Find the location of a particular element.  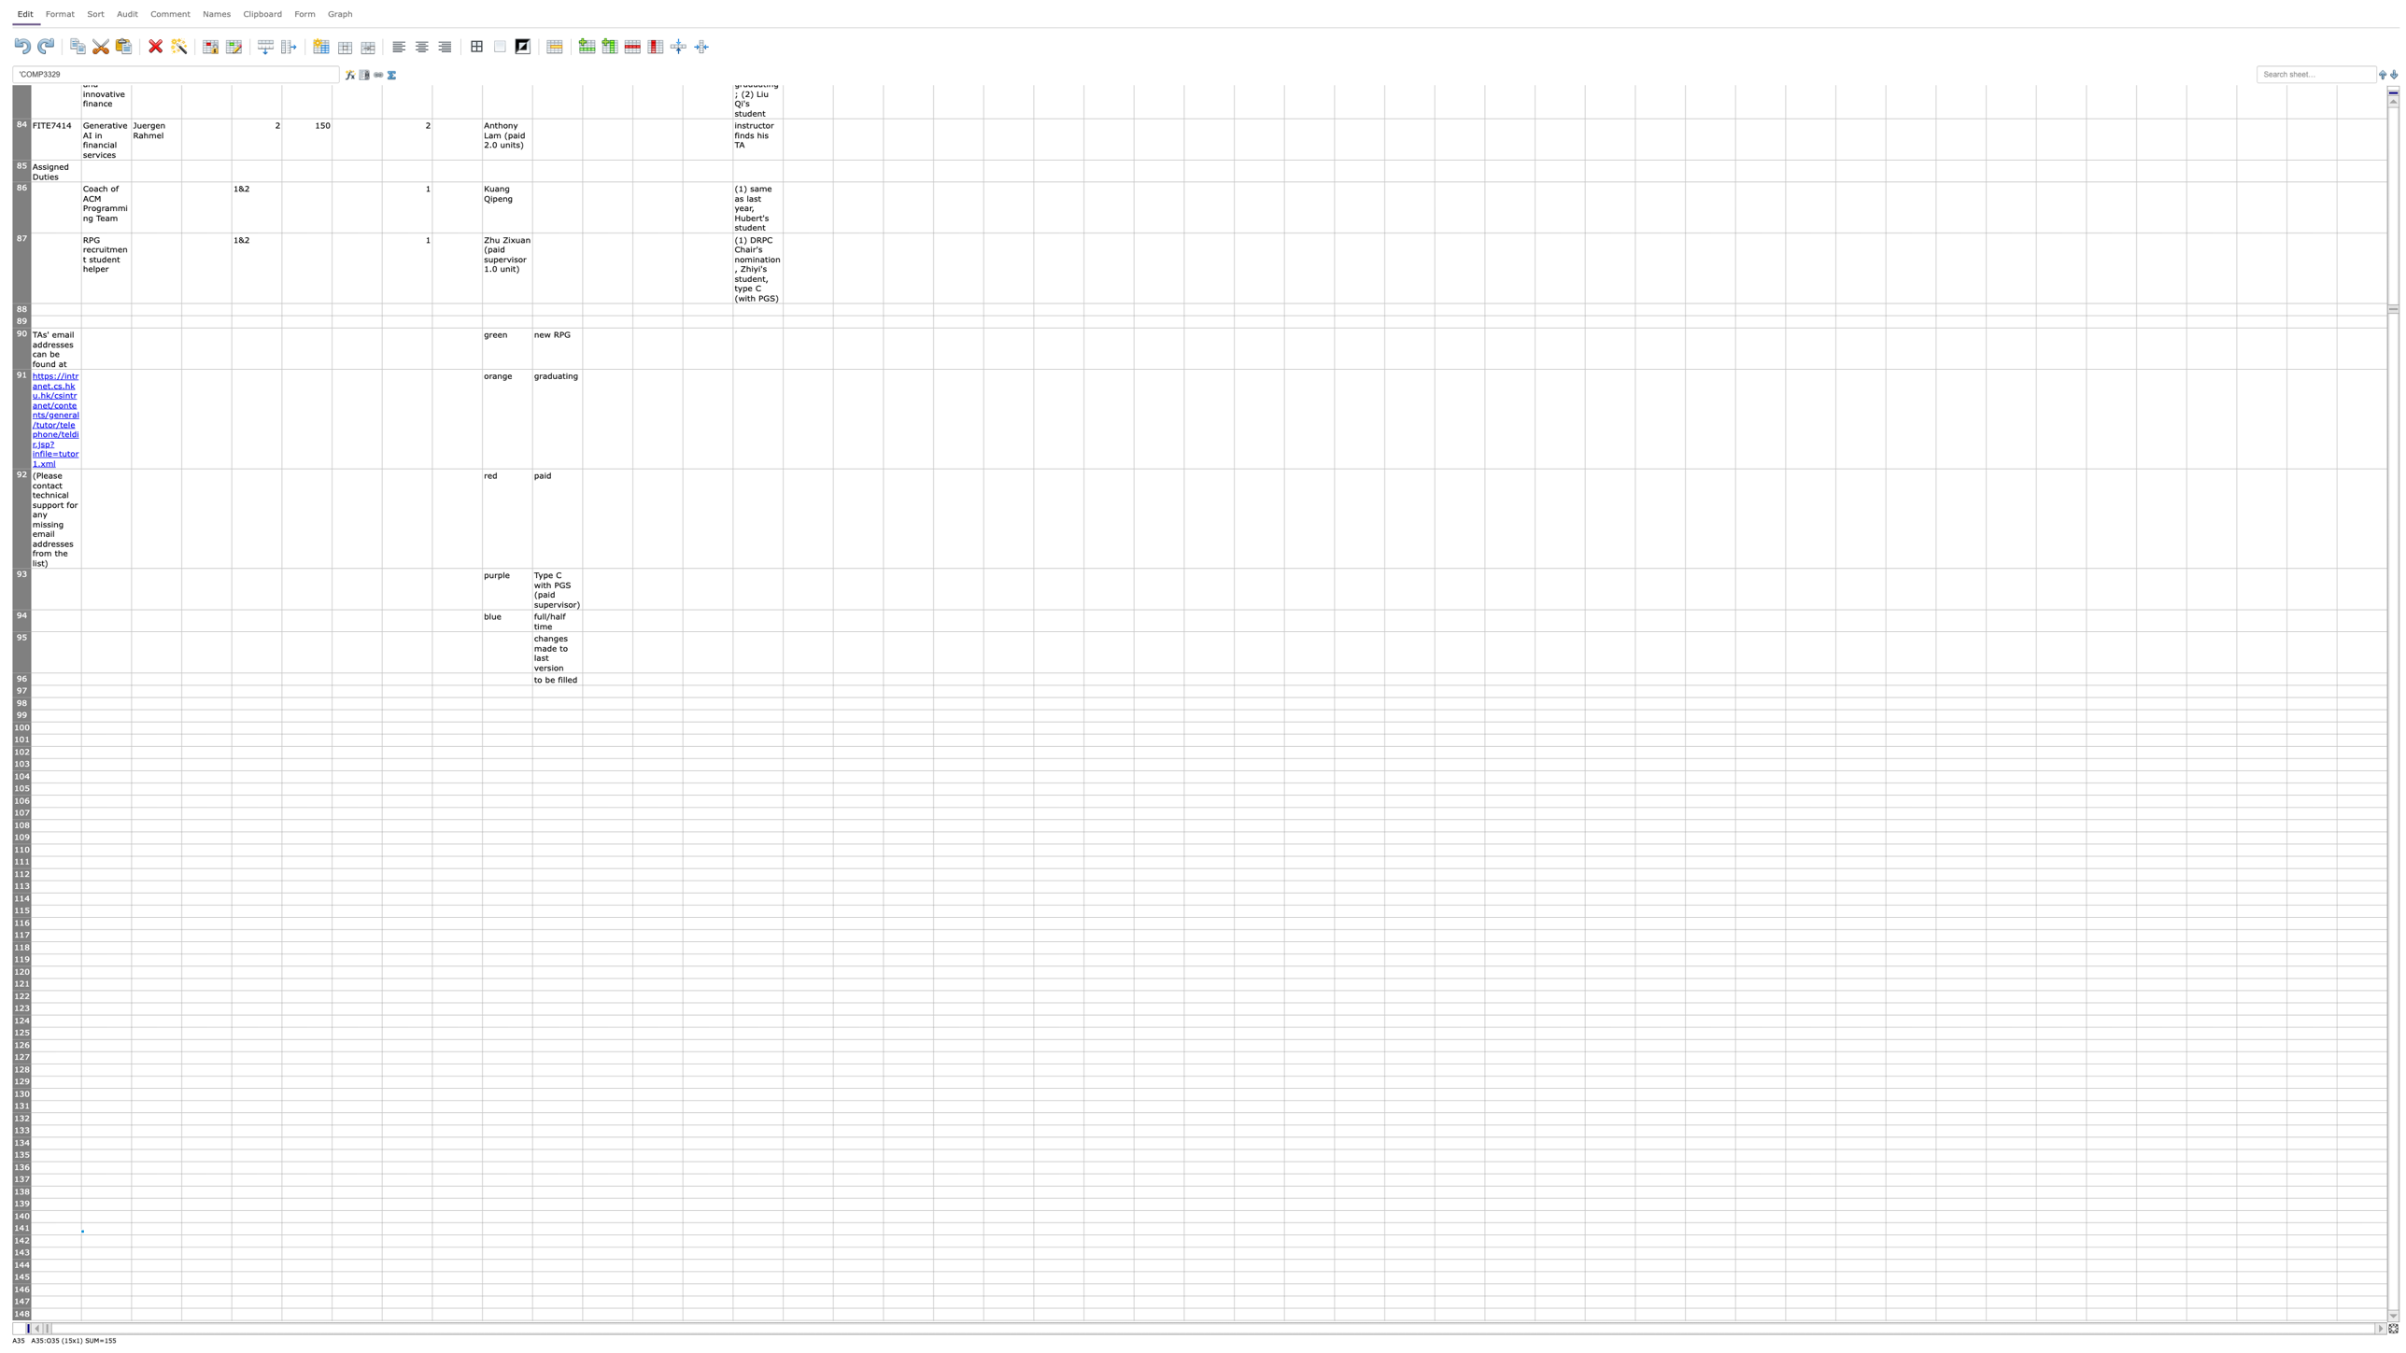

row 136's resize area is located at coordinates (21, 1174).